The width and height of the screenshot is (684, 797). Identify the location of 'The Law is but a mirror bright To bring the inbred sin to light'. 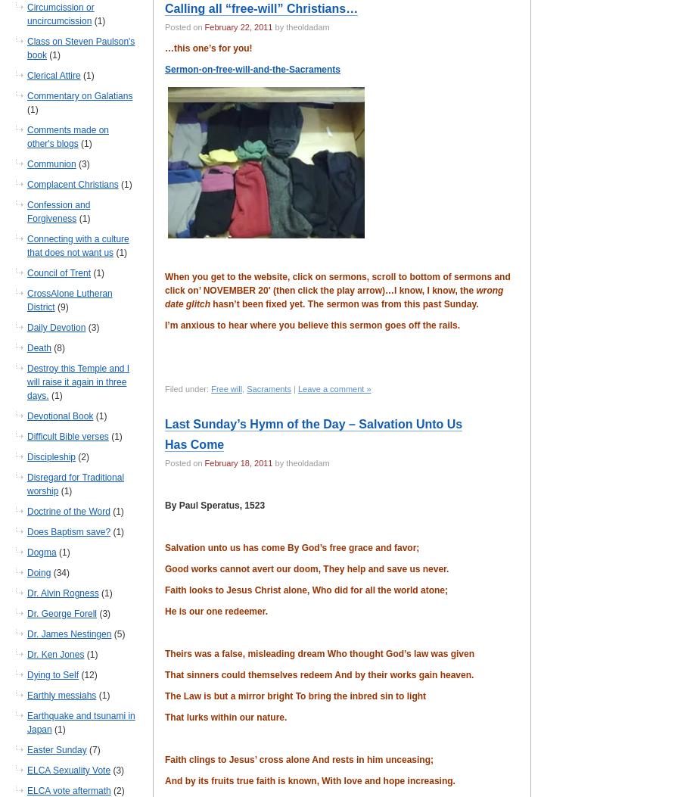
(294, 696).